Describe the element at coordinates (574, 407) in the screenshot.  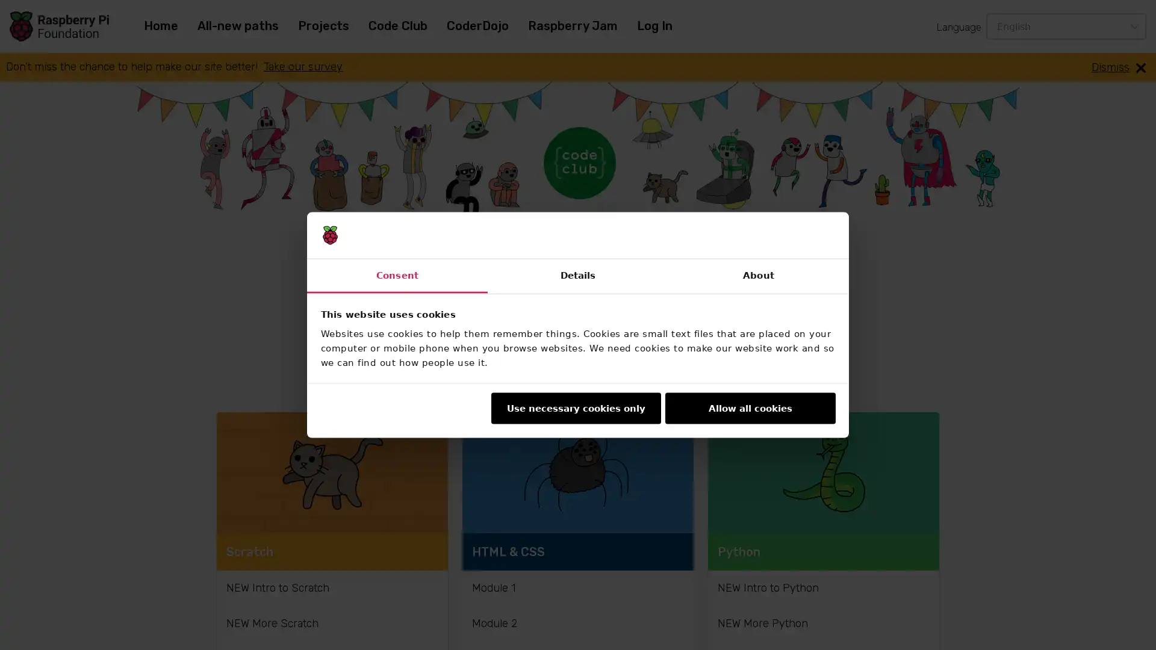
I see `Use necessary cookies only` at that location.